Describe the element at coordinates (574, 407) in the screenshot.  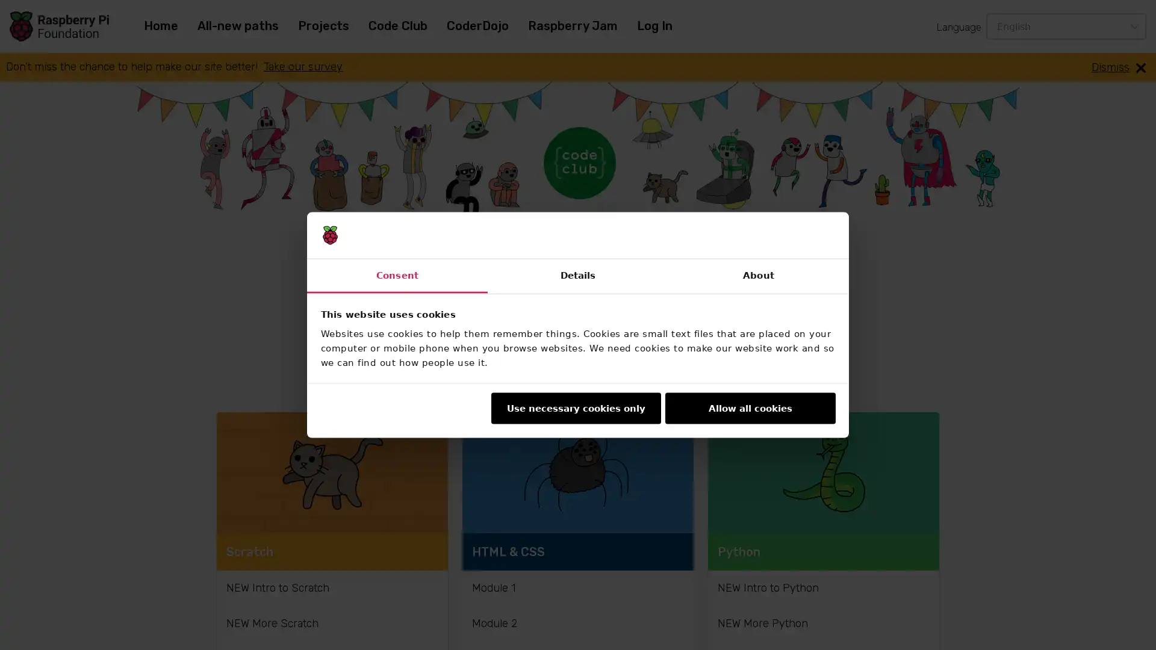
I see `Use necessary cookies only` at that location.